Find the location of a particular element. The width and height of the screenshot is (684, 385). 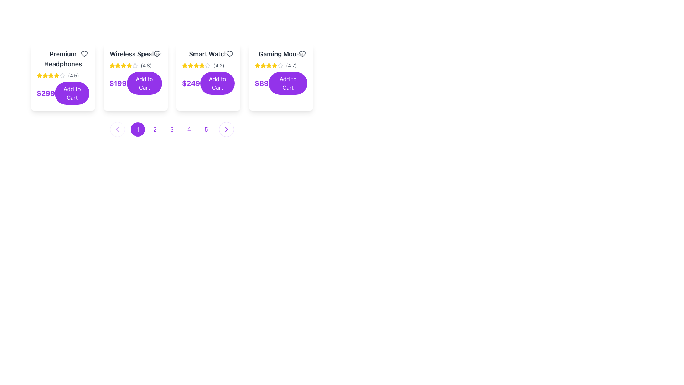

the purple arrow icon pointing to the right within the chevron symbol located at the far right of the navigation bar is located at coordinates (226, 129).